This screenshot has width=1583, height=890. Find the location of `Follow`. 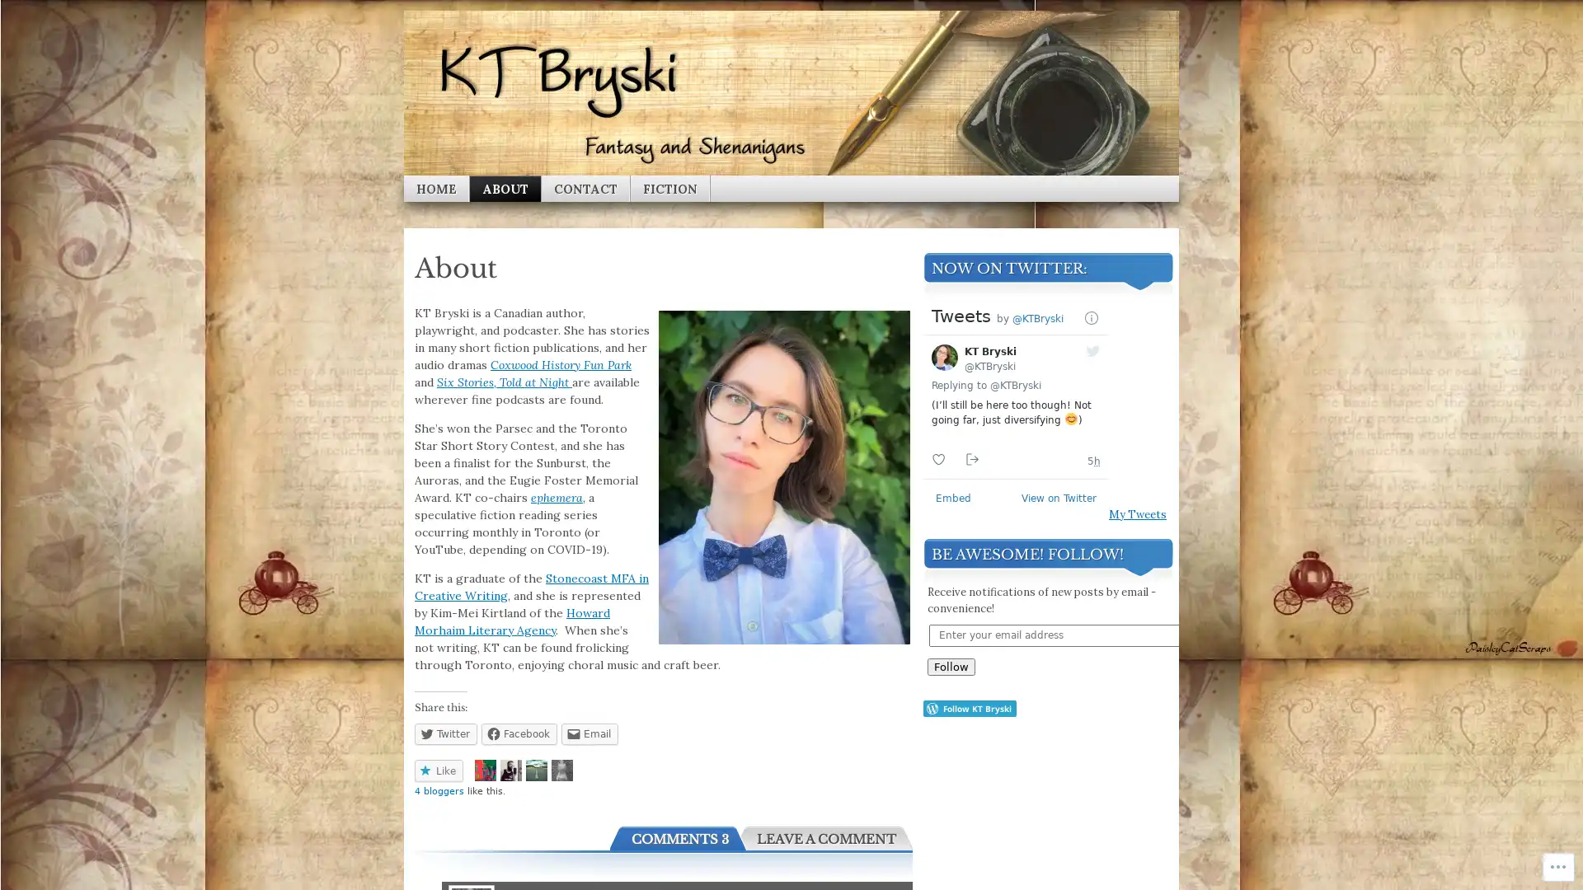

Follow is located at coordinates (951, 665).